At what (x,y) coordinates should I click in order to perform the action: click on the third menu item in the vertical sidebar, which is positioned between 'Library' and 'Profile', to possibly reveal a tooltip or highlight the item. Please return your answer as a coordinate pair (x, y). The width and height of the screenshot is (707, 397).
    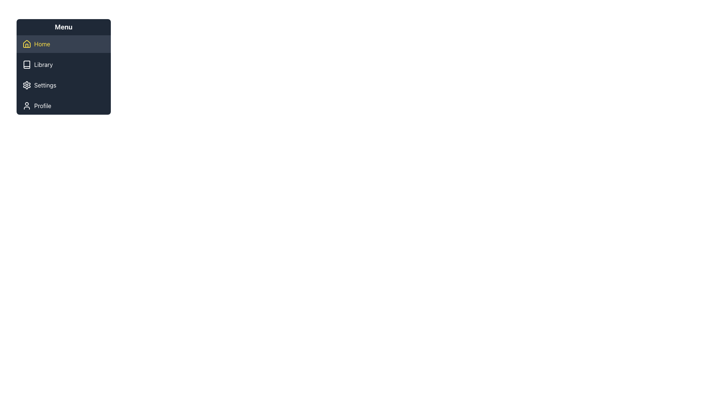
    Looking at the image, I should click on (63, 85).